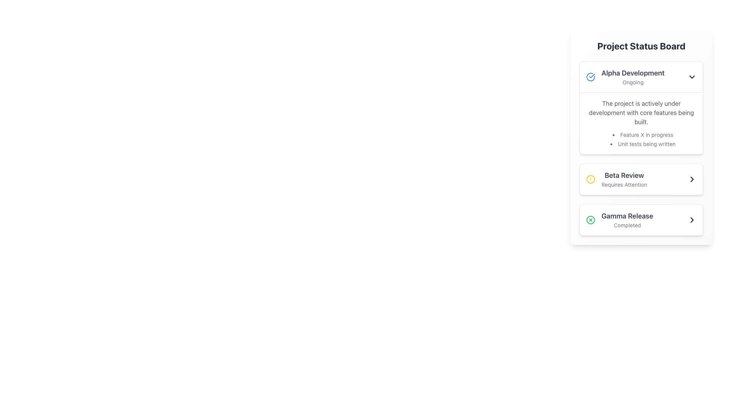  Describe the element at coordinates (590, 220) in the screenshot. I see `the status indicator icon located to the left of the 'Gamma Release' title in the 'Gamma Release Completed' card` at that location.